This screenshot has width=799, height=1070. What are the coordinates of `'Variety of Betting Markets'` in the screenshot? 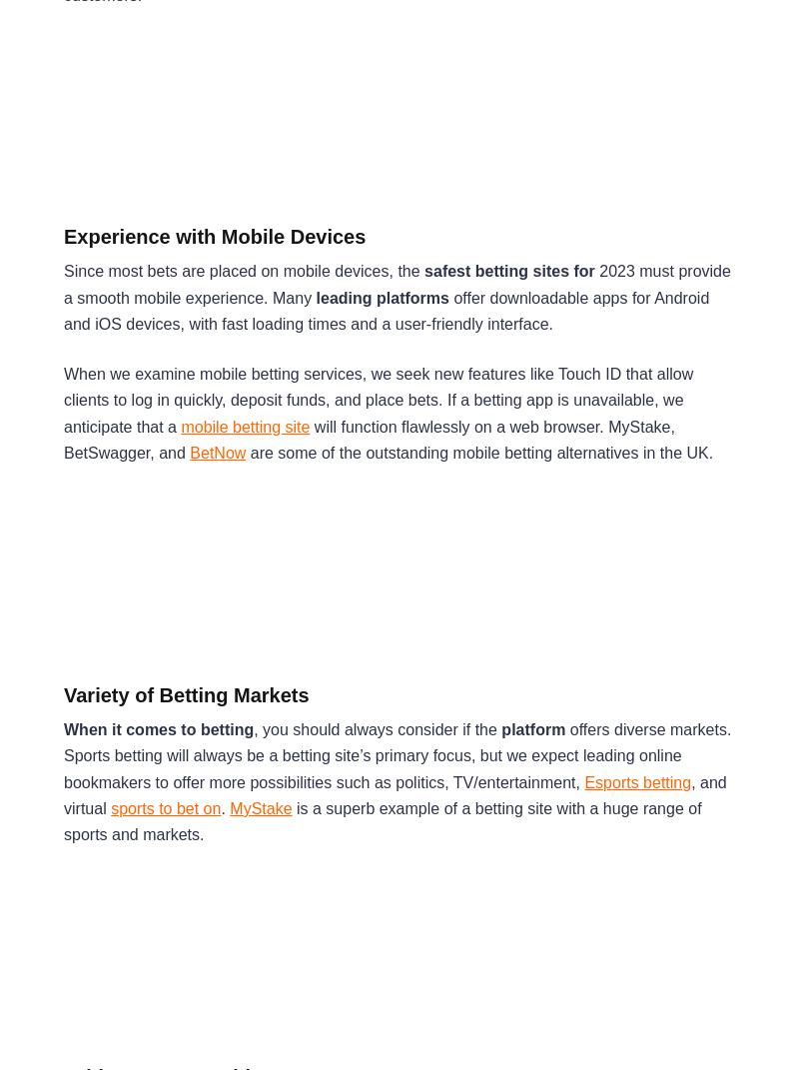 It's located at (185, 693).